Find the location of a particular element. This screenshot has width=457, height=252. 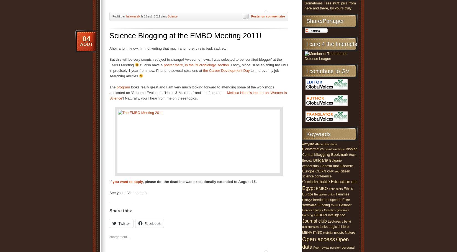

'Science' is located at coordinates (167, 16).